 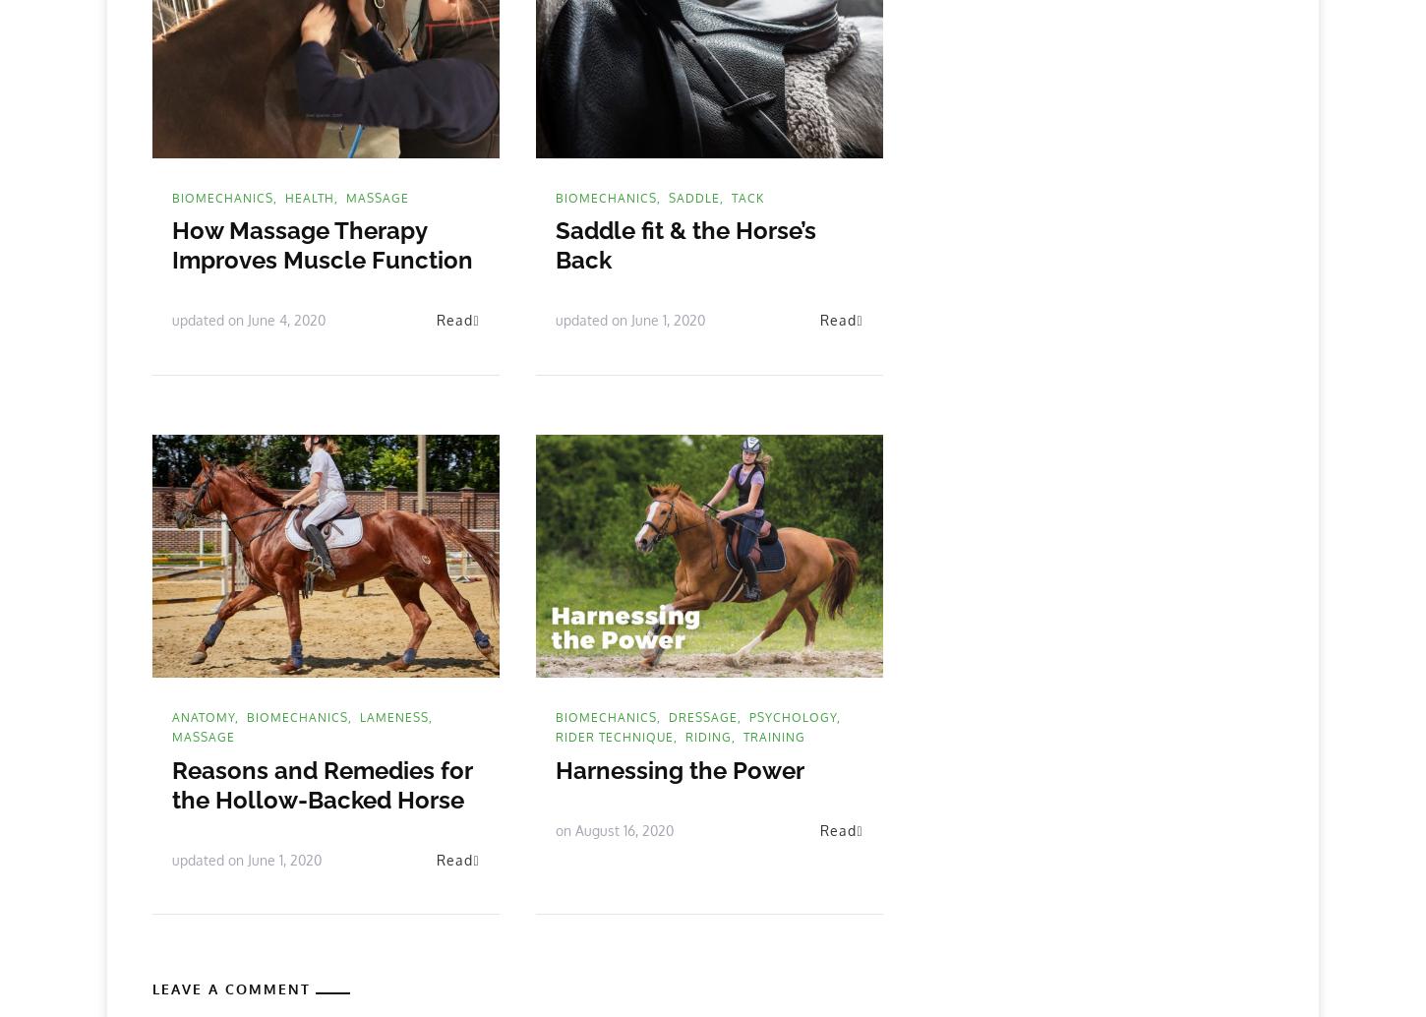 What do you see at coordinates (707, 737) in the screenshot?
I see `'riding'` at bounding box center [707, 737].